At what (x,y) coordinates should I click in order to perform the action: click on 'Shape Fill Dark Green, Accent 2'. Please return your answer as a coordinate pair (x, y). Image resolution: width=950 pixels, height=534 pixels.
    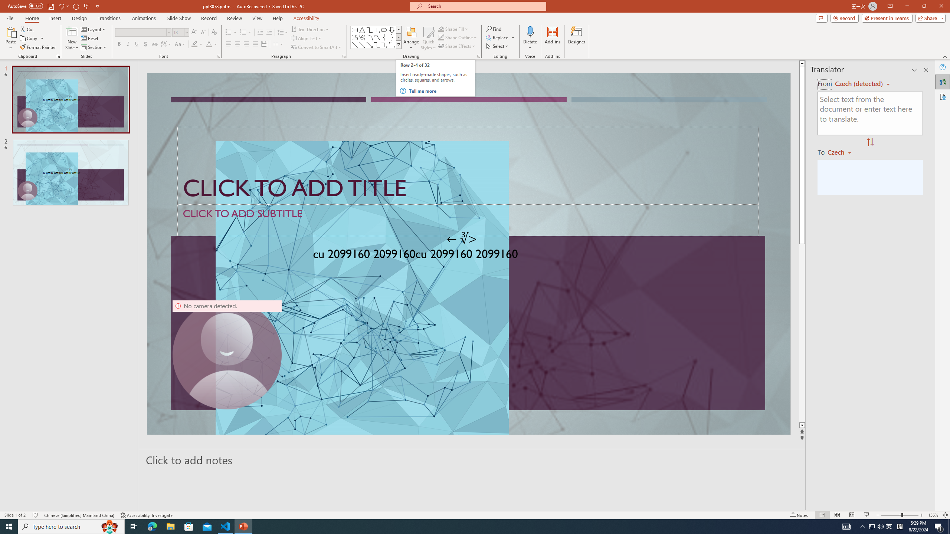
    Looking at the image, I should click on (441, 29).